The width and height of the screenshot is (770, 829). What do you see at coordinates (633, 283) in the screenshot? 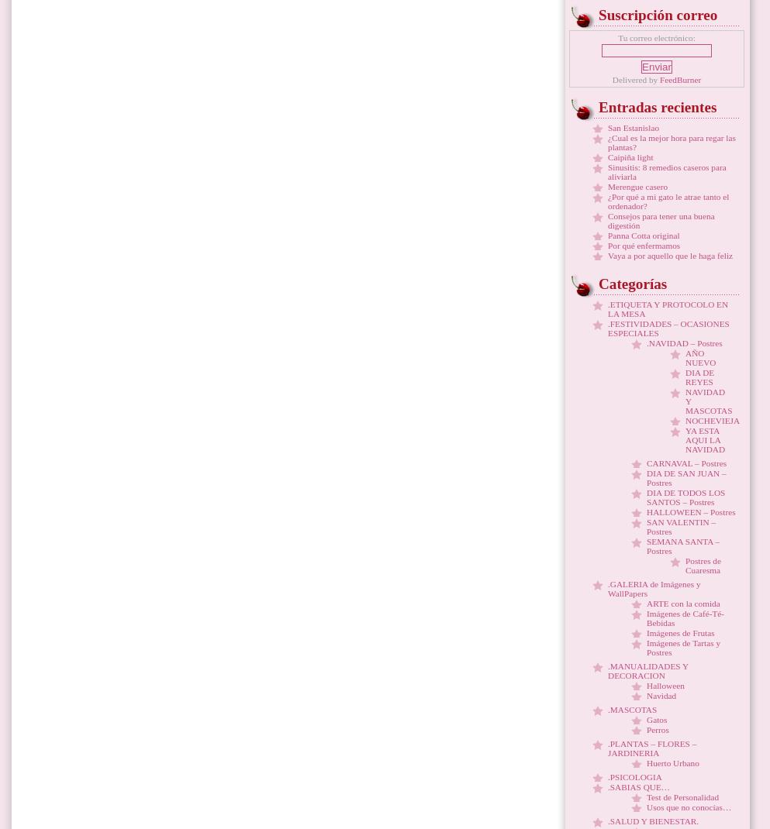
I see `'Categorías'` at bounding box center [633, 283].